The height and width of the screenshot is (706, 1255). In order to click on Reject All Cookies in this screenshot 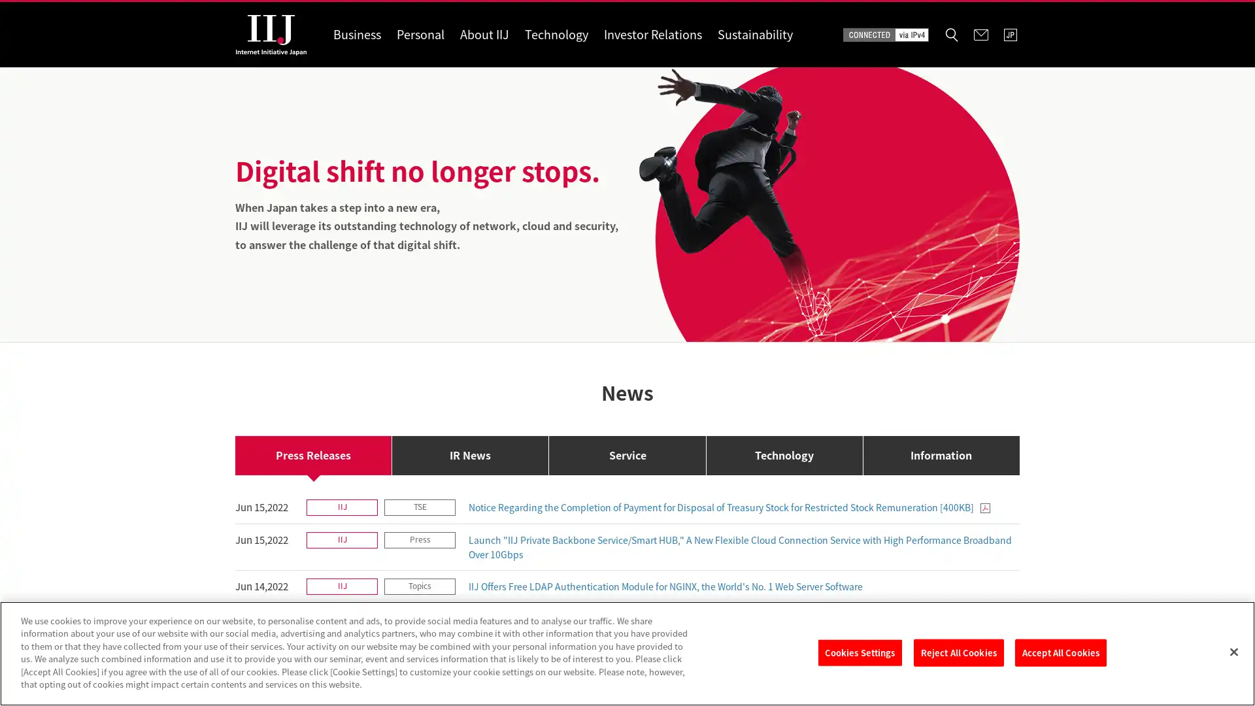, I will do `click(958, 652)`.